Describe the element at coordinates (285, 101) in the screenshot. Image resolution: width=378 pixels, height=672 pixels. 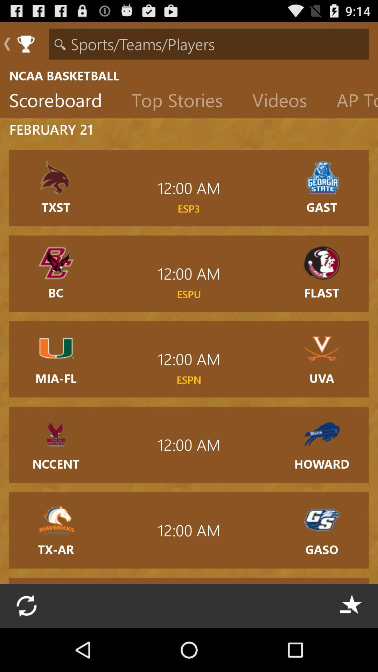
I see `videos item` at that location.